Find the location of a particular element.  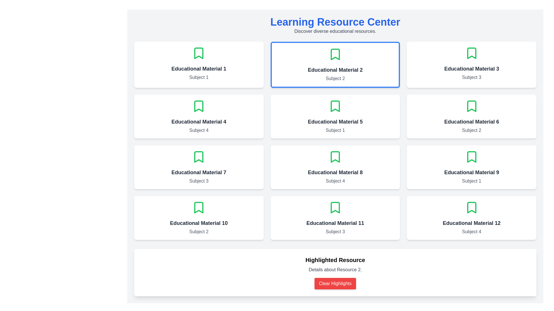

the static text element indicating categorization information within the card titled 'Educational Material 12', located at the bottom-center section is located at coordinates (471, 232).